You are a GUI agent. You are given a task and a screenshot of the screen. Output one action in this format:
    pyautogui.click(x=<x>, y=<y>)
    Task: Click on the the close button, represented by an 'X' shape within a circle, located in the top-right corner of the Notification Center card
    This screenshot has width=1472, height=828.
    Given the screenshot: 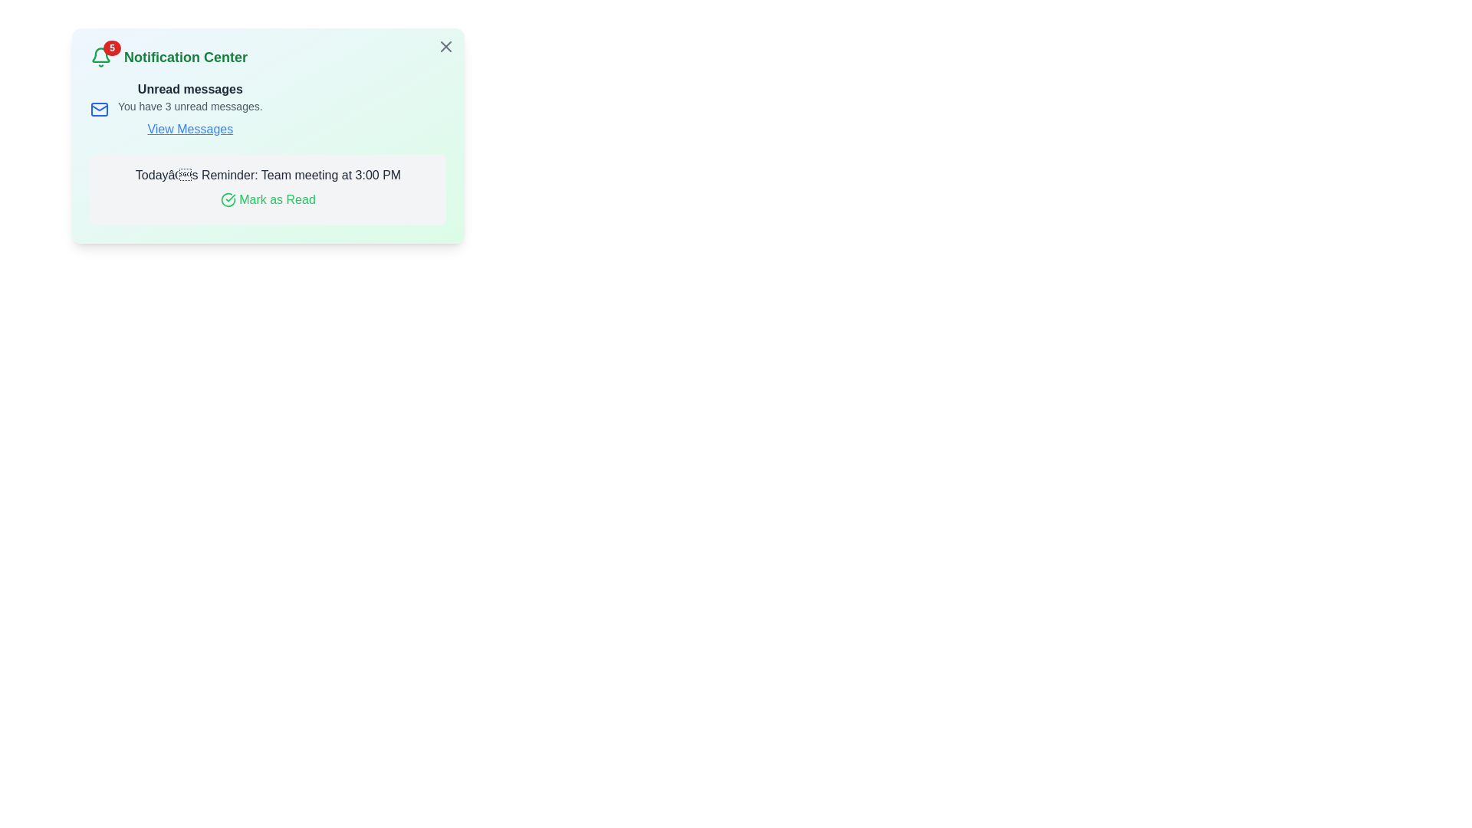 What is the action you would take?
    pyautogui.click(x=445, y=46)
    